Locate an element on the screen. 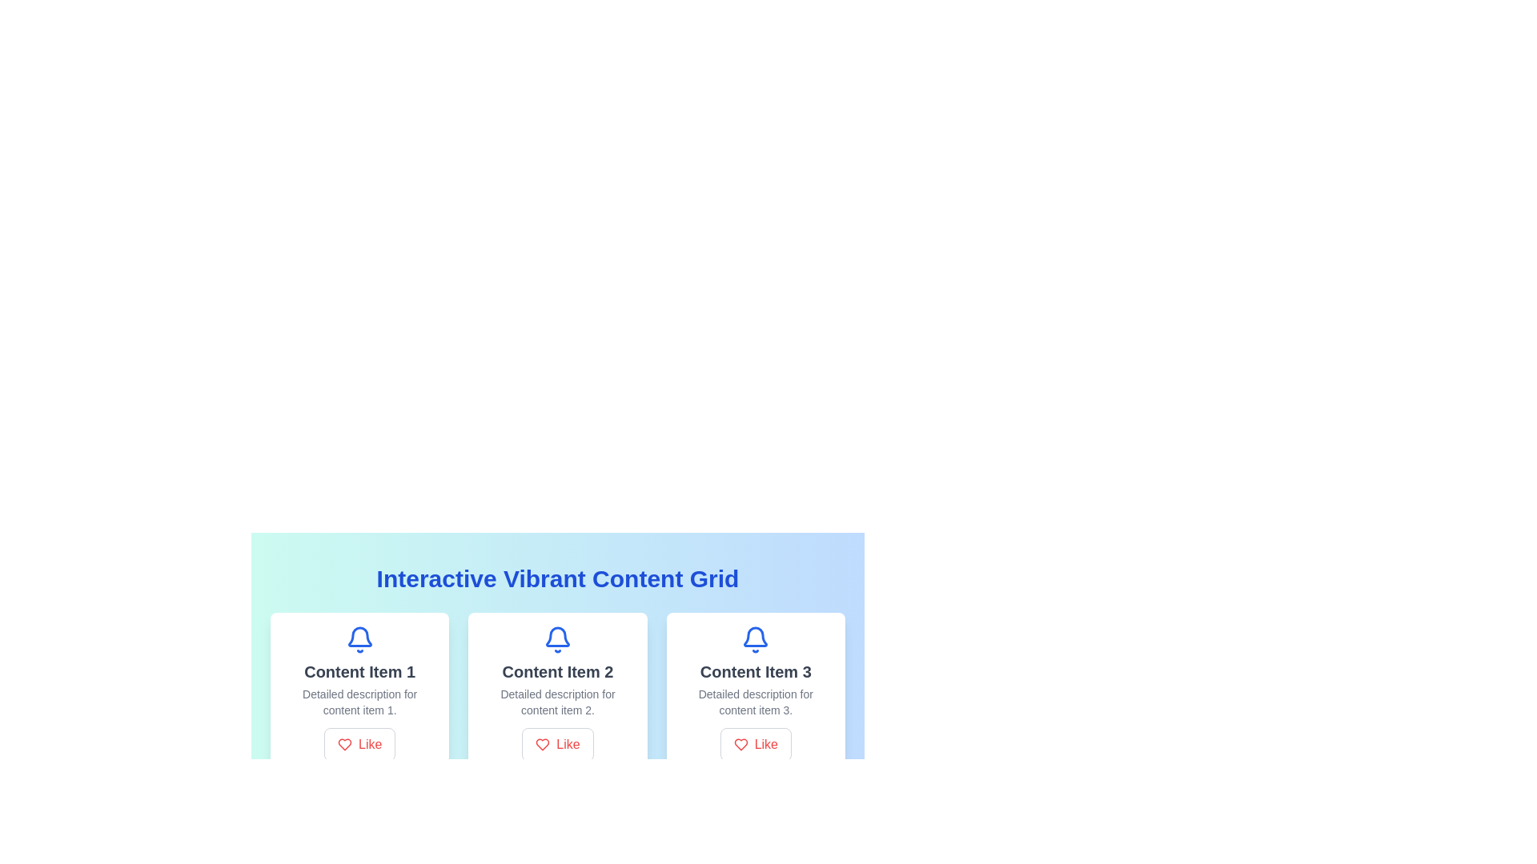 Image resolution: width=1537 pixels, height=864 pixels. the decorative SVG Icon representing notifications or alerts associated with 'Content Item 2', located at the top center of the middle column in a three-column grid is located at coordinates (557, 638).